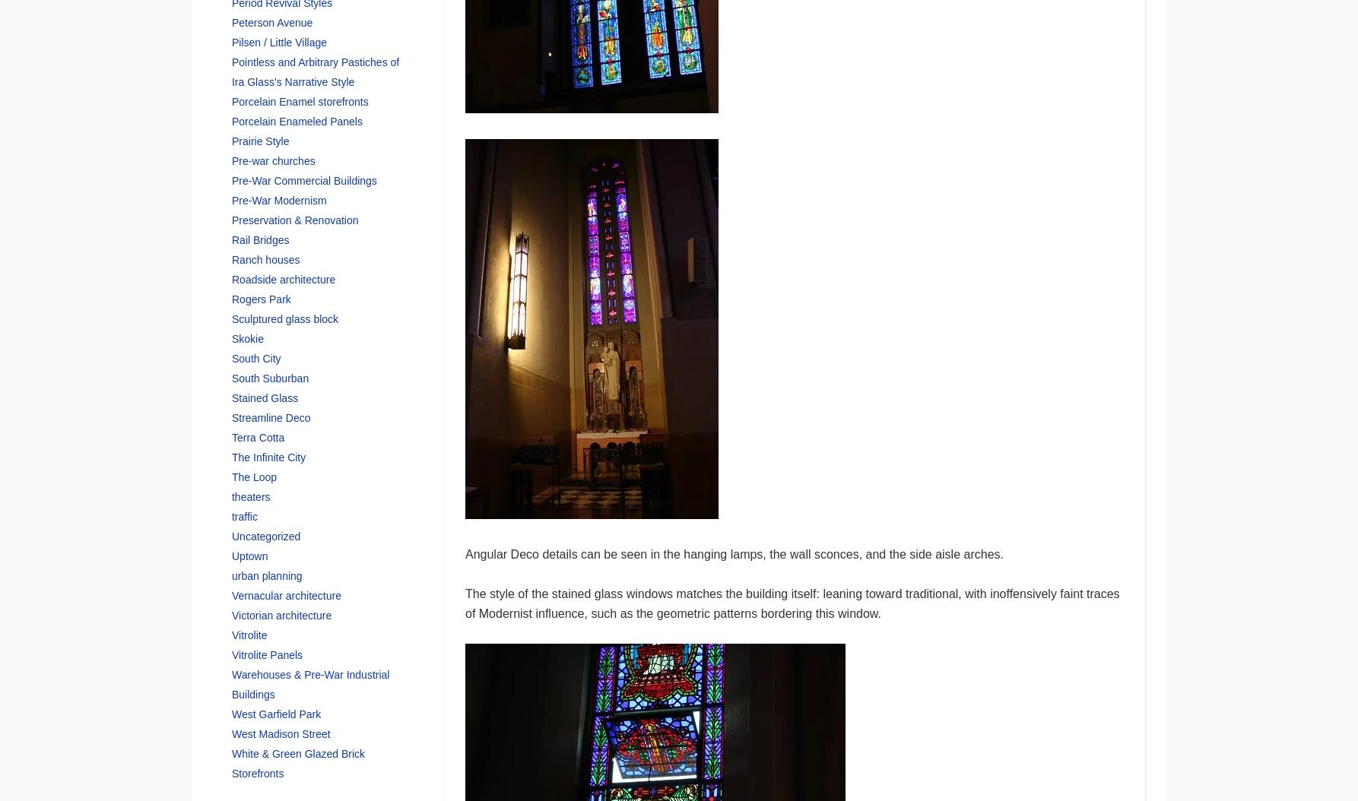 This screenshot has height=801, width=1358. What do you see at coordinates (278, 199) in the screenshot?
I see `'Pre-War Modernism'` at bounding box center [278, 199].